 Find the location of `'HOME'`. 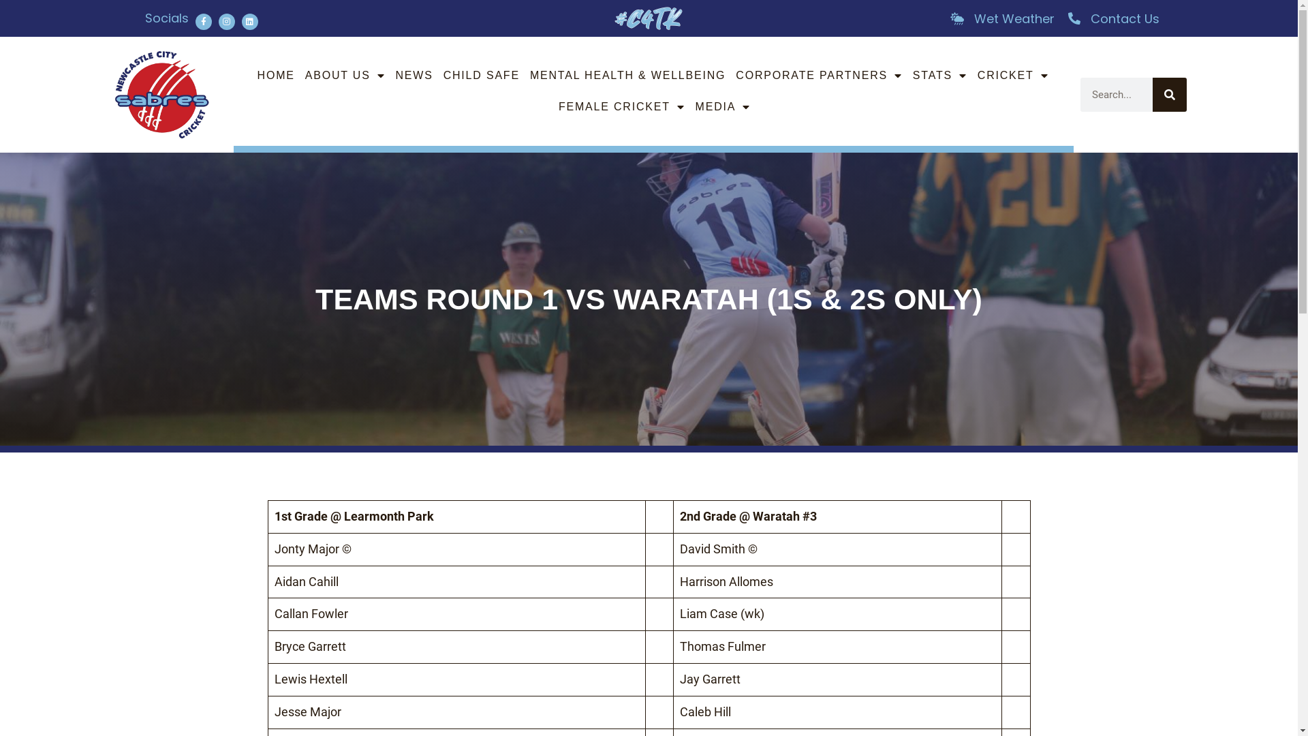

'HOME' is located at coordinates (275, 76).